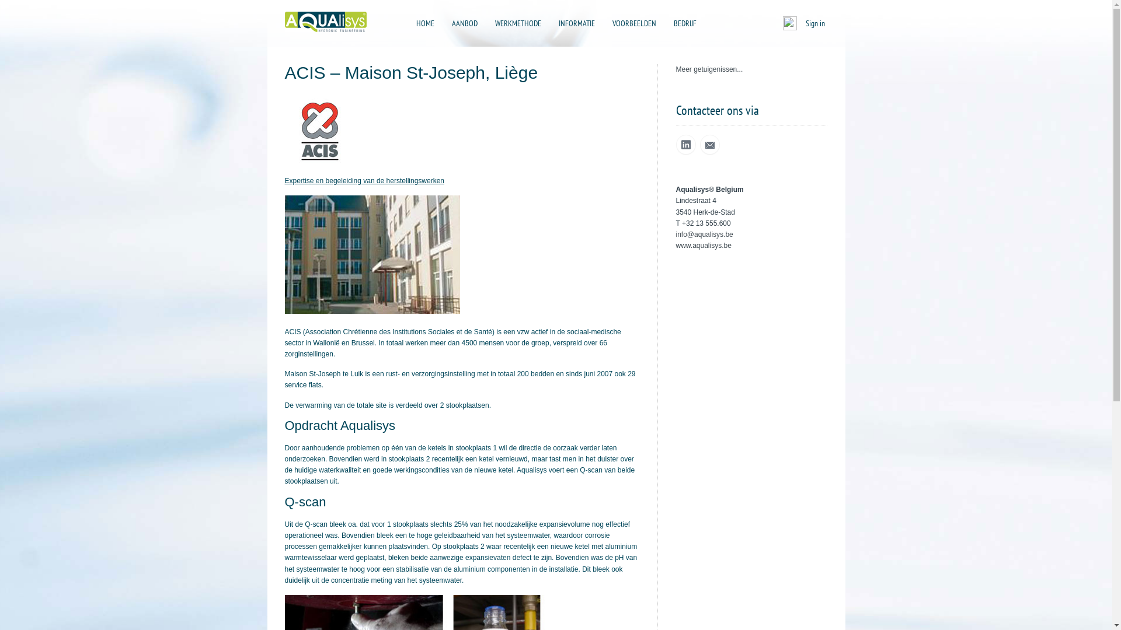 The width and height of the screenshot is (1121, 630). I want to click on 'Email', so click(708, 144).